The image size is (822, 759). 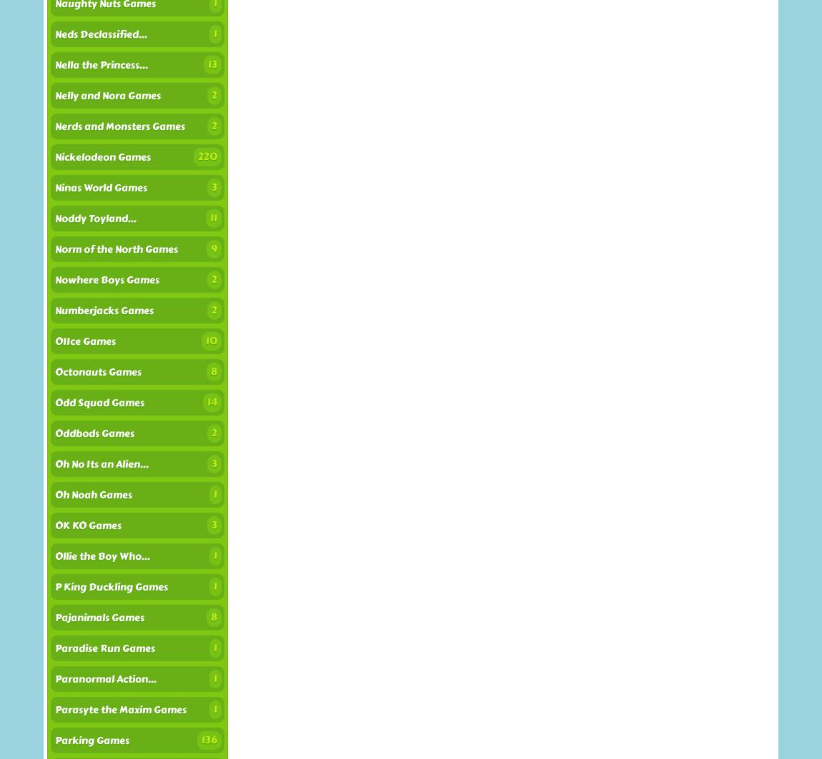 I want to click on 'Nowhere Boys Games', so click(x=106, y=280).